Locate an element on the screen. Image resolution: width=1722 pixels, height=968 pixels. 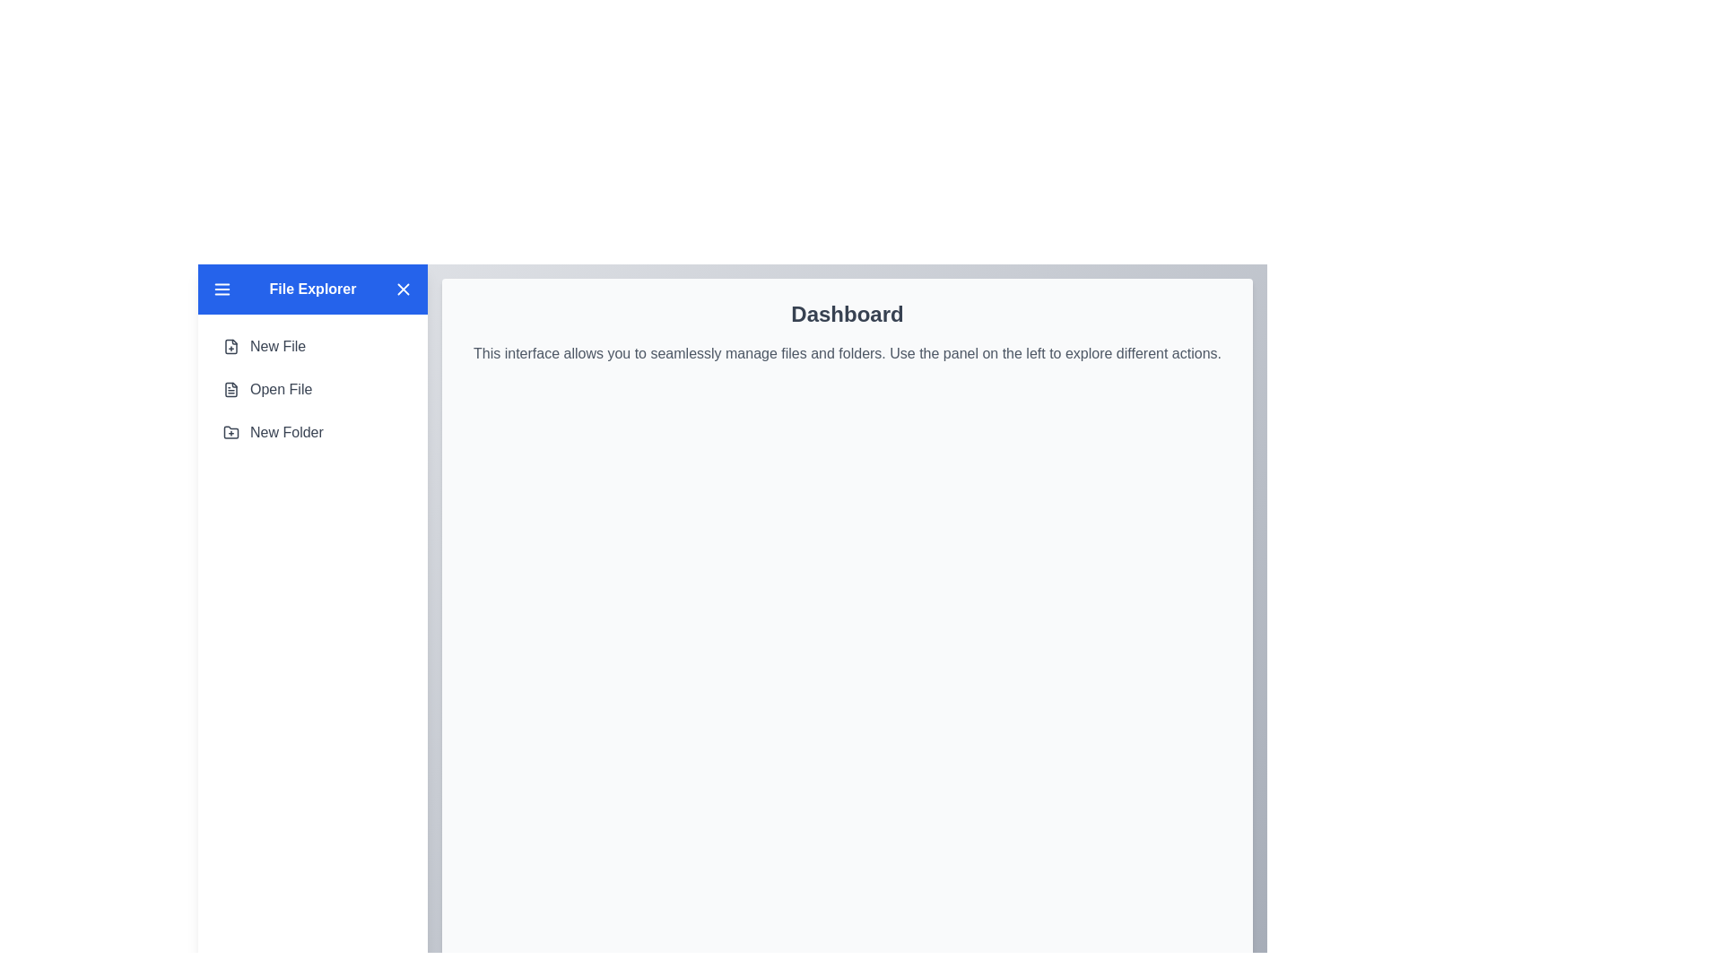
the 'New File' menu item located on the left panel, which features an icon of a file with a plus symbol and is the first item in a vertical stack of options is located at coordinates (263, 346).